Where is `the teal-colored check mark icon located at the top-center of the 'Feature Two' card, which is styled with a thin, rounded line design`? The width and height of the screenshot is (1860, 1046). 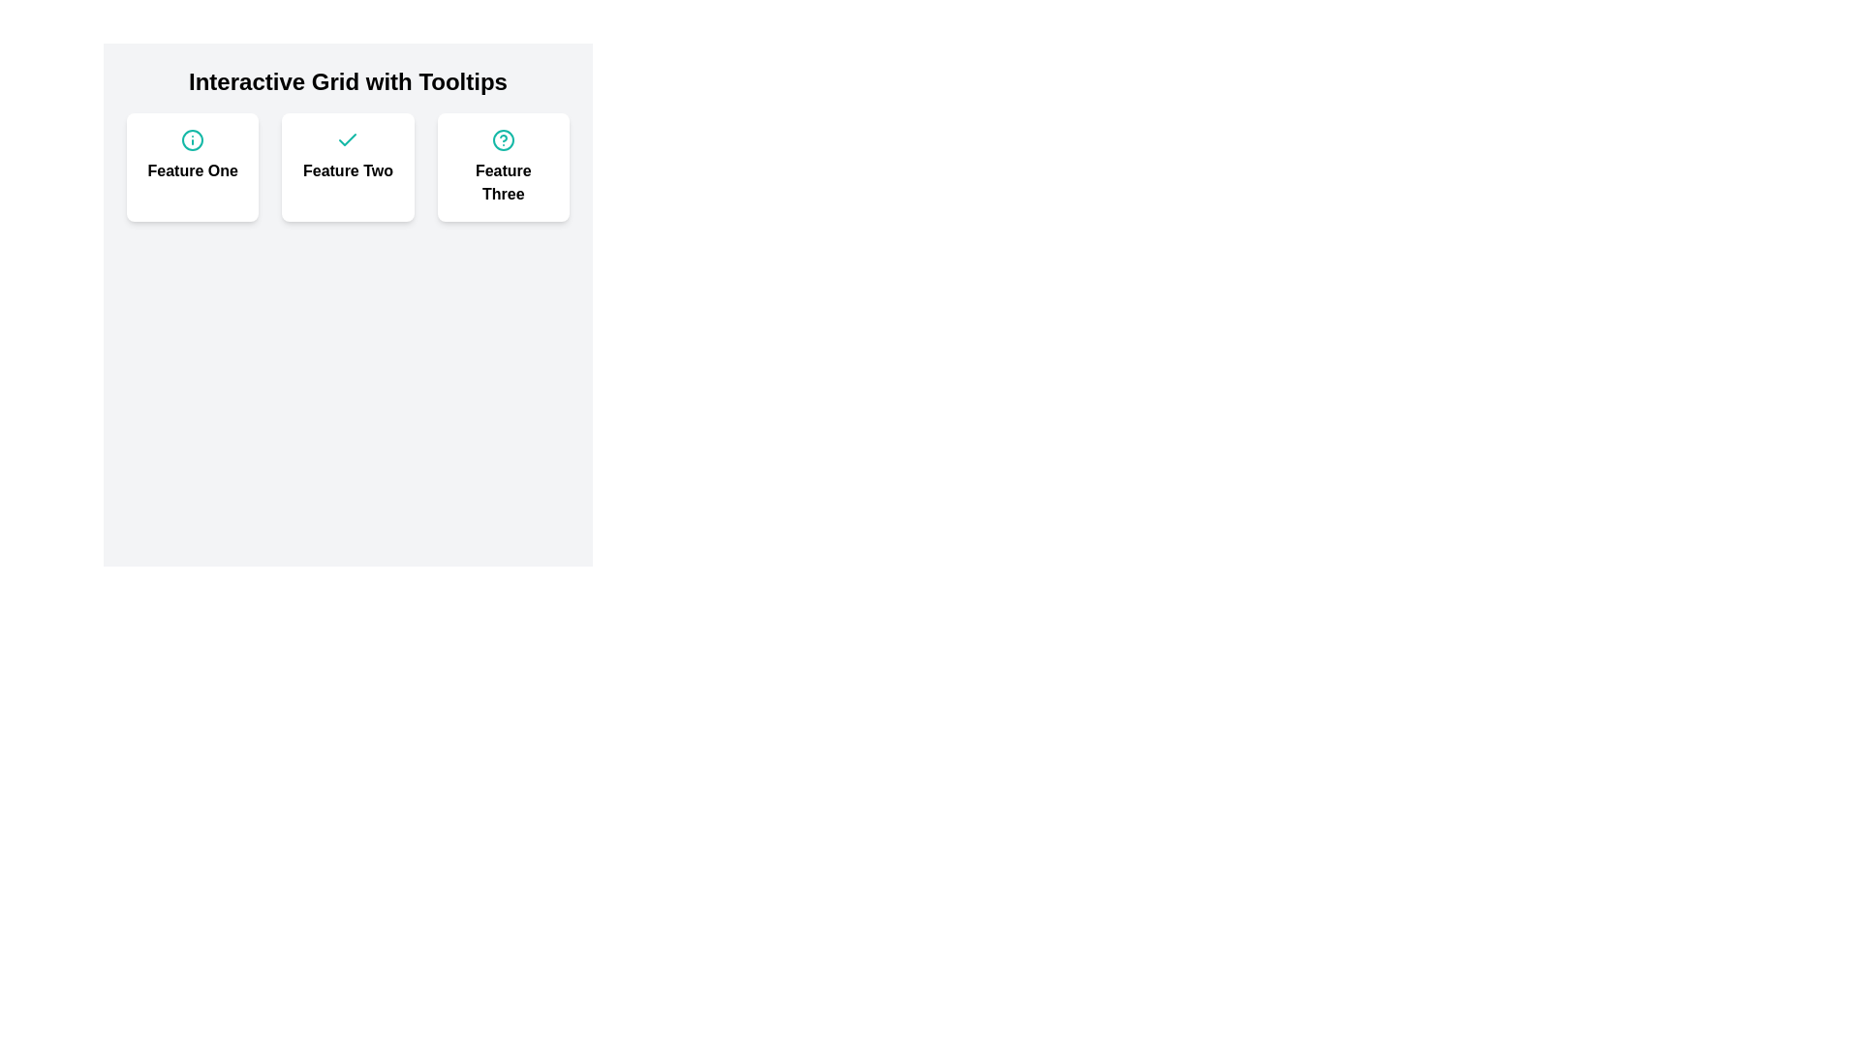 the teal-colored check mark icon located at the top-center of the 'Feature Two' card, which is styled with a thin, rounded line design is located at coordinates (348, 139).